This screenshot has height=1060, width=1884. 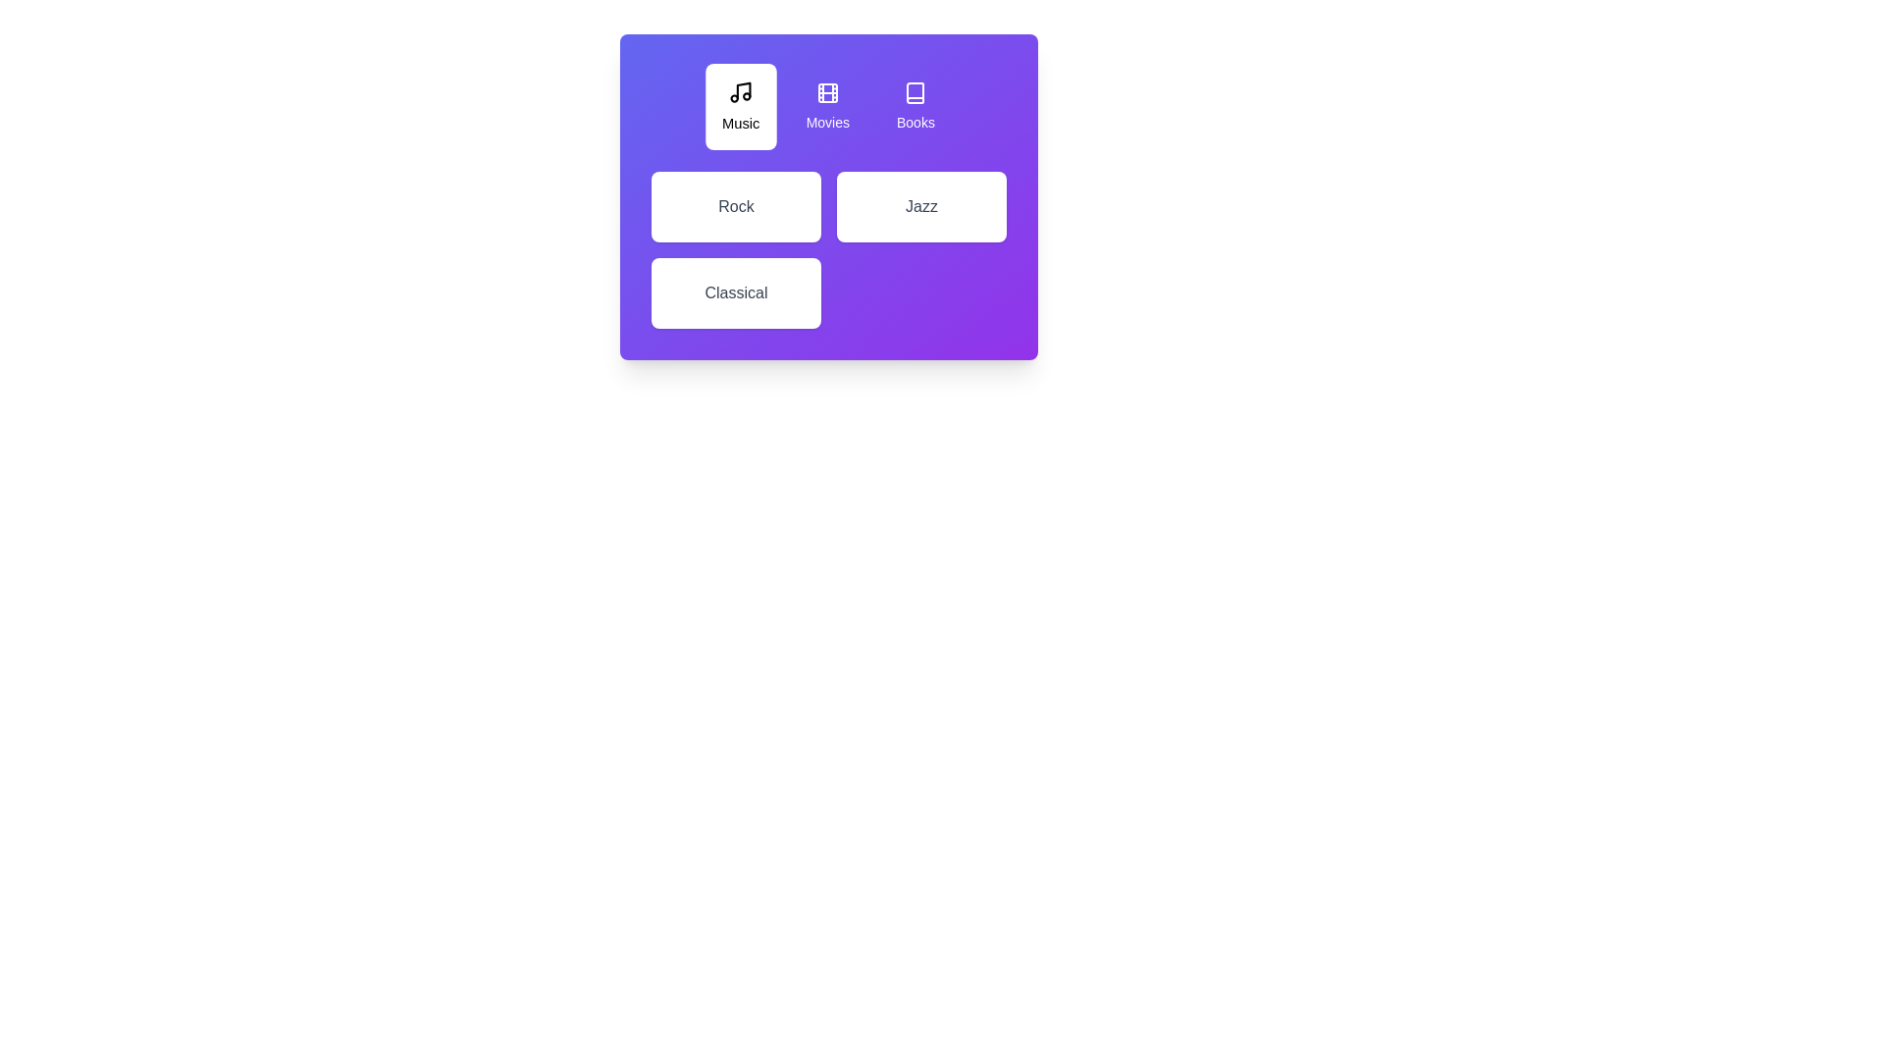 What do you see at coordinates (740, 106) in the screenshot?
I see `the tab labeled Music to switch to that tab` at bounding box center [740, 106].